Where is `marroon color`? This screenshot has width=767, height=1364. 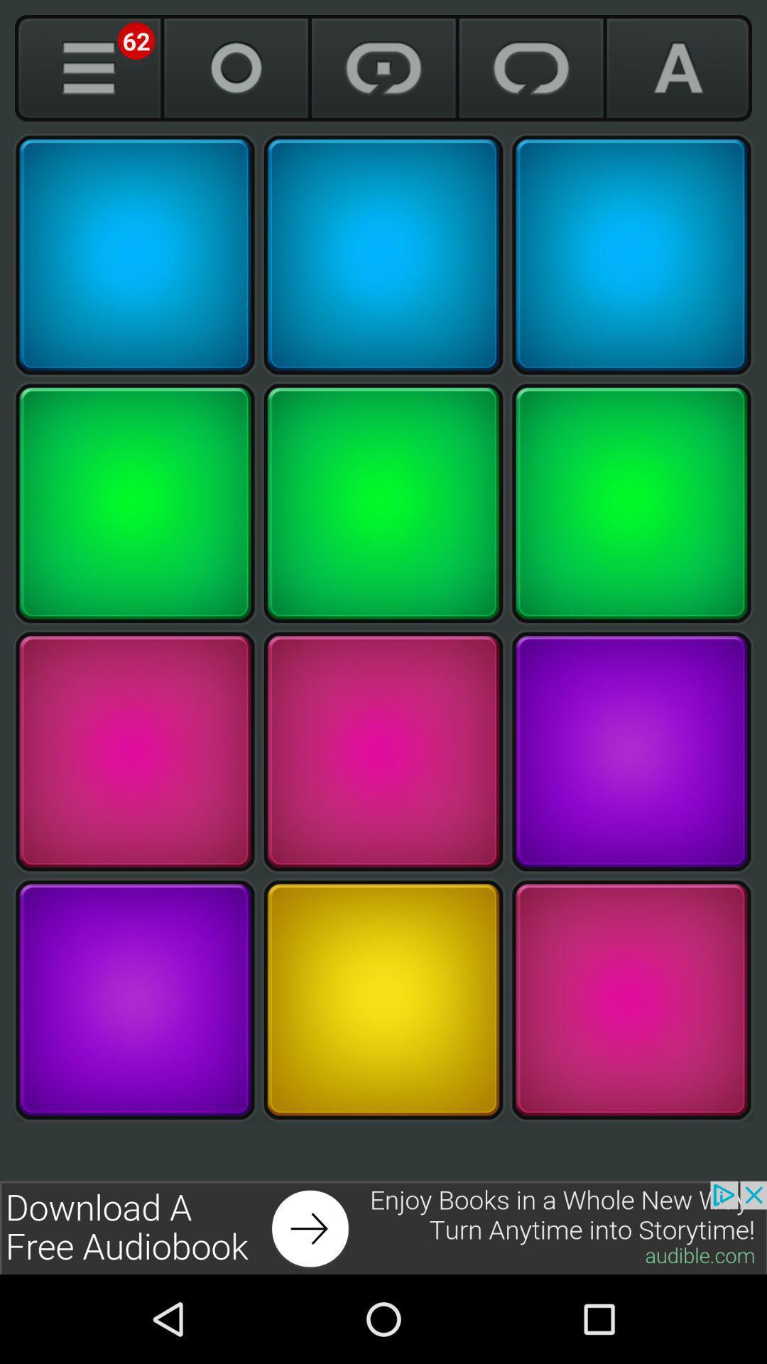
marroon color is located at coordinates (383, 751).